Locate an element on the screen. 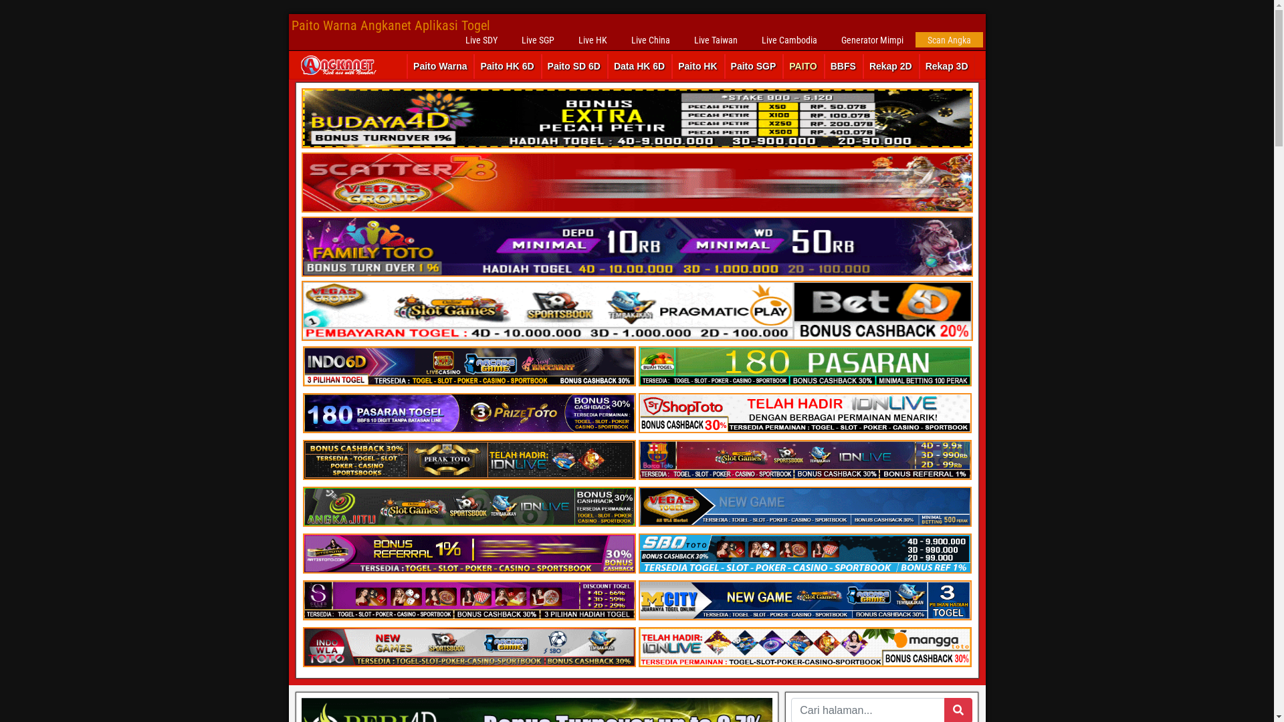  'Live SGP' is located at coordinates (509, 39).